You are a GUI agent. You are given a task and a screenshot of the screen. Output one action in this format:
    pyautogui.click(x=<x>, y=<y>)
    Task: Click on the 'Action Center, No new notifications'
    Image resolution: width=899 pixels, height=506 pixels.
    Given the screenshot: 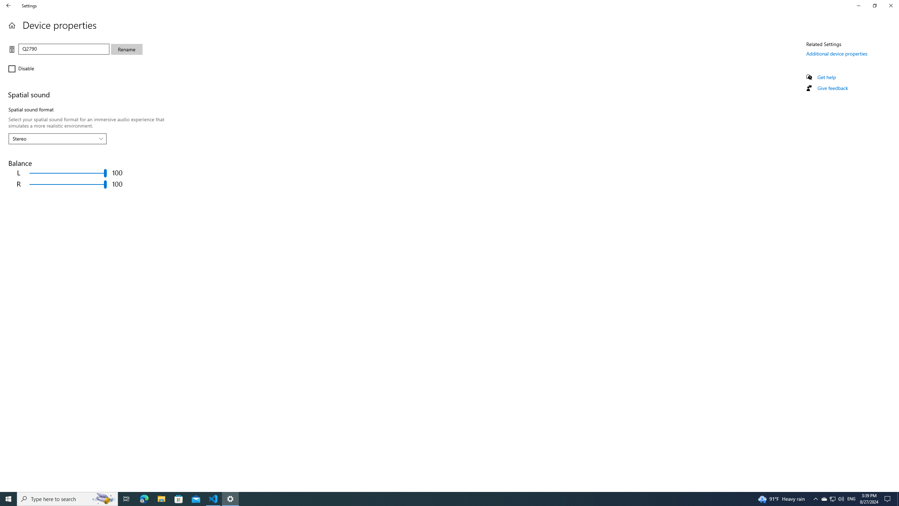 What is the action you would take?
    pyautogui.click(x=888, y=498)
    